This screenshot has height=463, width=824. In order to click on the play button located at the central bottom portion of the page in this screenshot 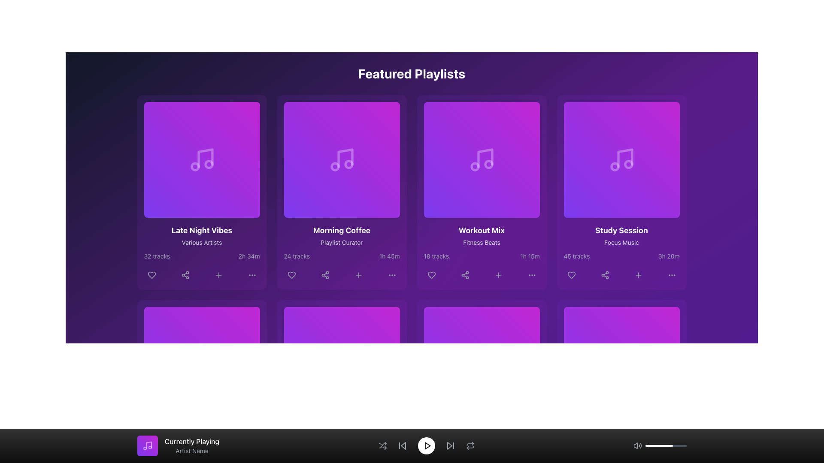, I will do `click(203, 365)`.